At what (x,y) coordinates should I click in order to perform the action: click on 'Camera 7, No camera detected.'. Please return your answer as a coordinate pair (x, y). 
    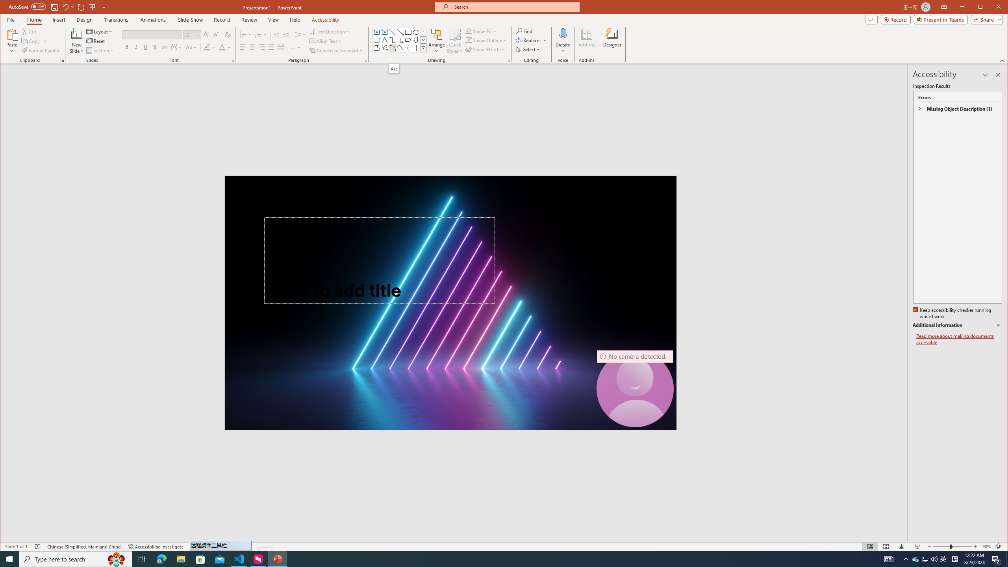
    Looking at the image, I should click on (634, 389).